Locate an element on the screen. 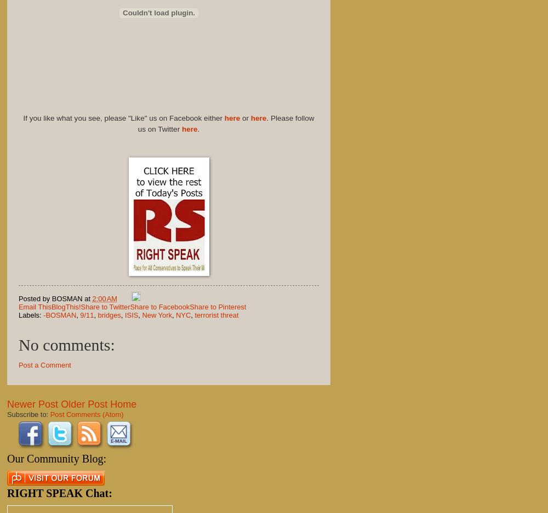  'Share to Pinterest' is located at coordinates (218, 306).